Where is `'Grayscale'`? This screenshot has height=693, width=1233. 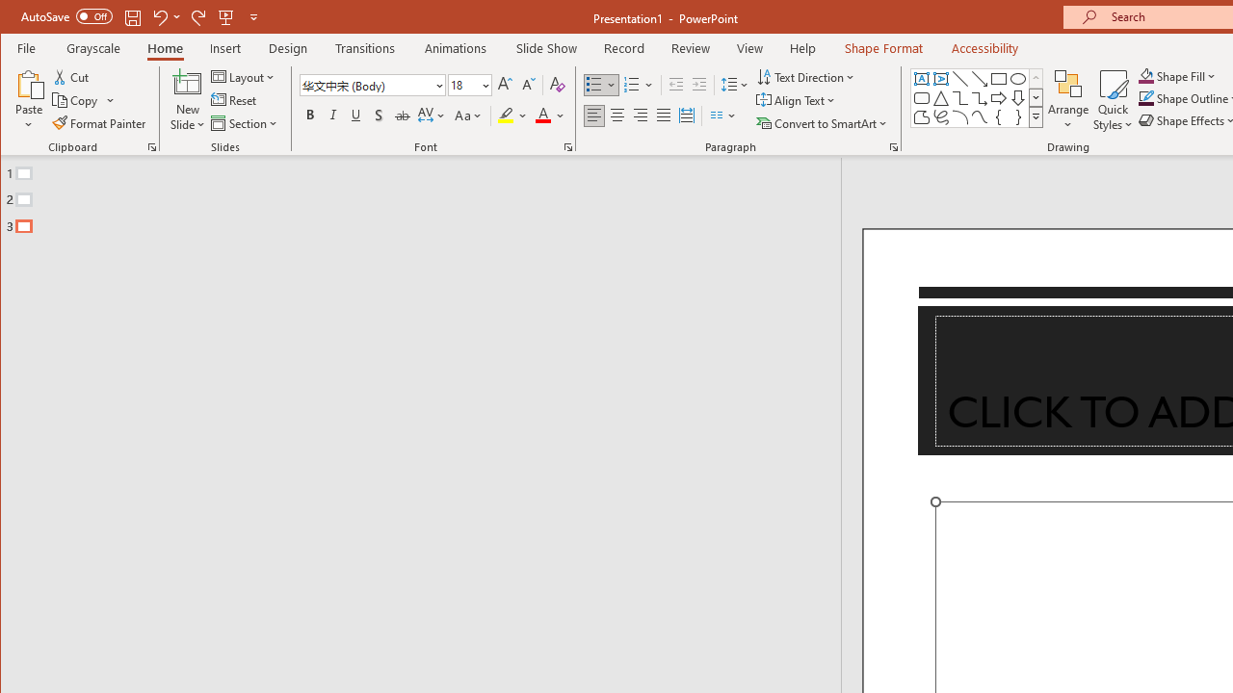
'Grayscale' is located at coordinates (92, 47).